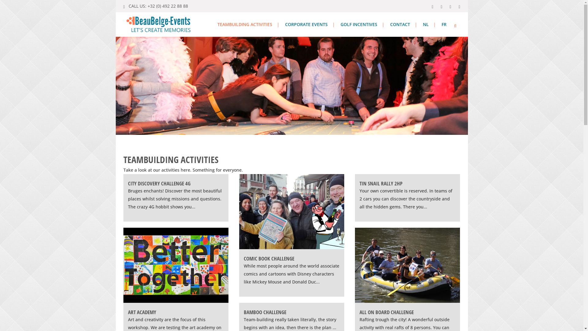 This screenshot has height=331, width=588. I want to click on 'NL', so click(425, 24).